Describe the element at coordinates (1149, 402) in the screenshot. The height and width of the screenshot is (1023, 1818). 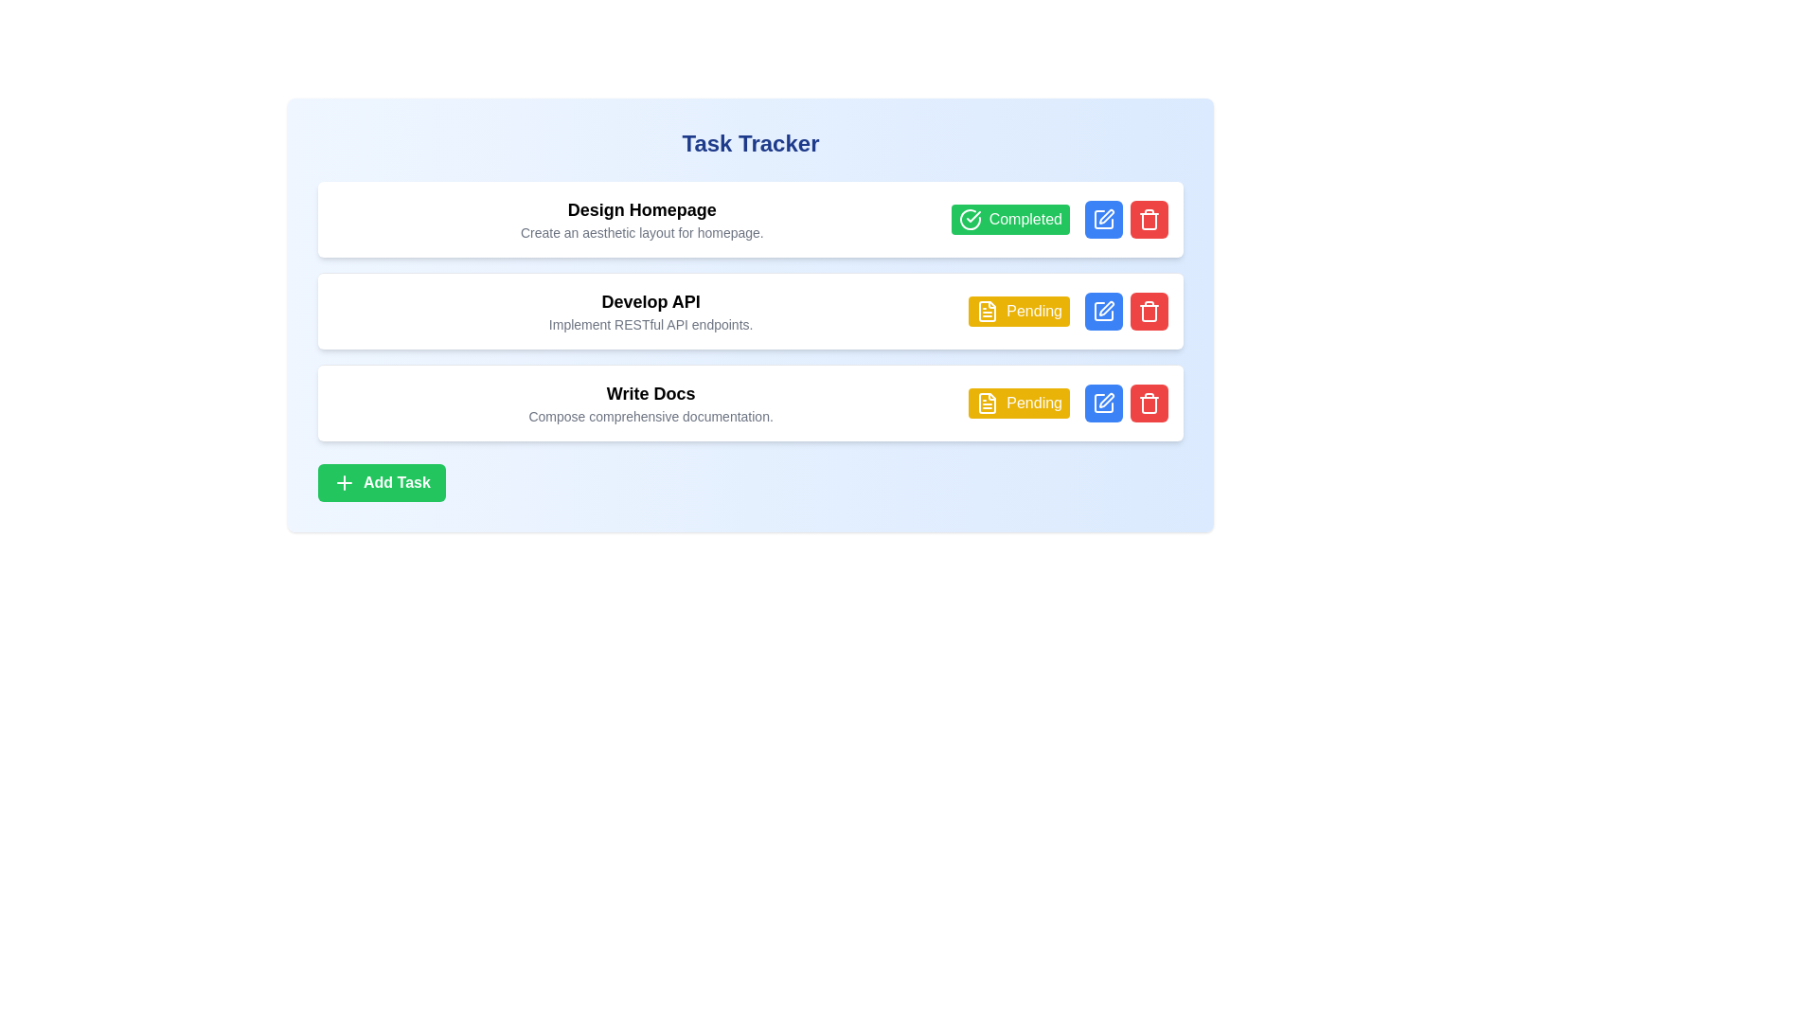
I see `the delete button located to the right of the 'Write Docs' task in the task tracker interface` at that location.